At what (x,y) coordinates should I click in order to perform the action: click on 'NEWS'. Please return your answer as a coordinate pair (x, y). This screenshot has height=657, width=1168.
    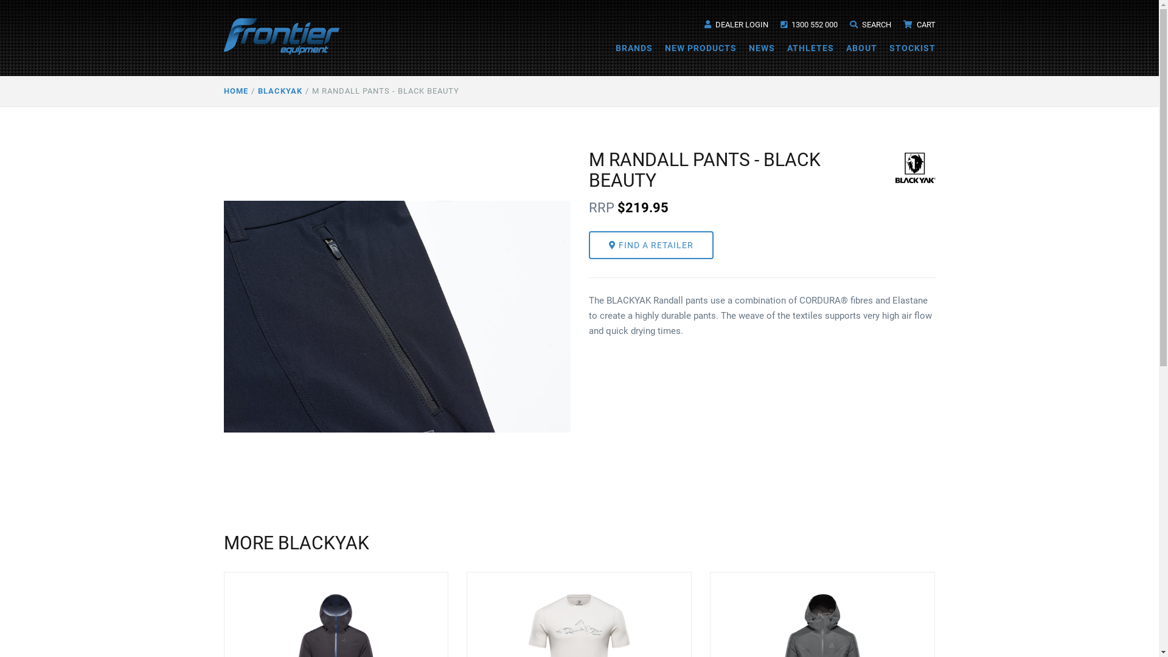
    Looking at the image, I should click on (760, 47).